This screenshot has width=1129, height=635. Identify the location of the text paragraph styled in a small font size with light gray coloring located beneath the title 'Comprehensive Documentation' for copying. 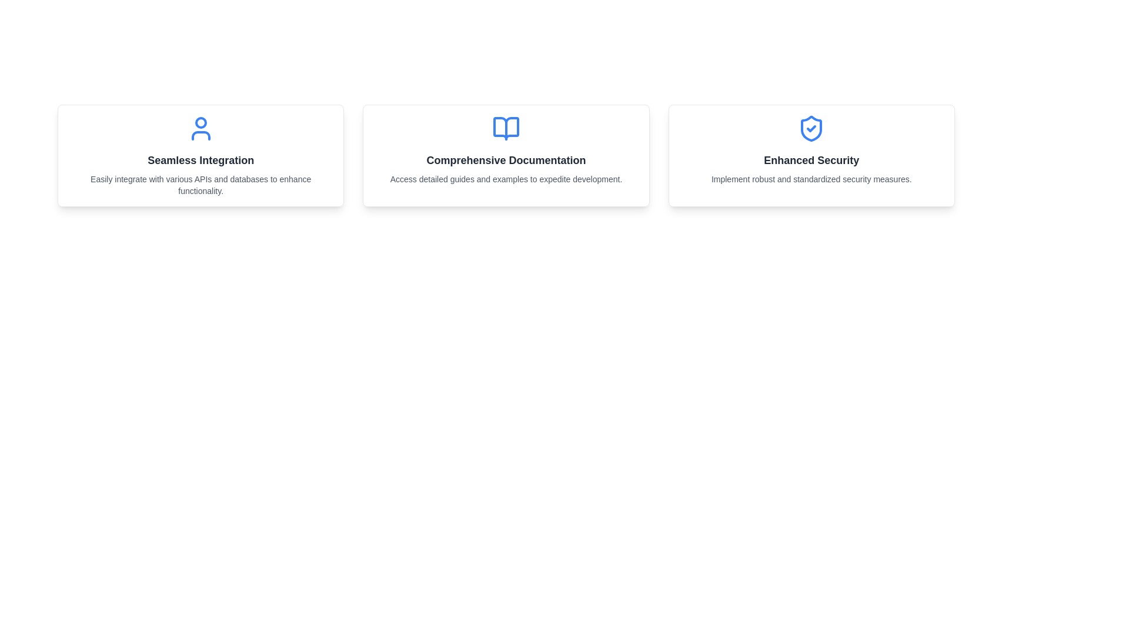
(506, 179).